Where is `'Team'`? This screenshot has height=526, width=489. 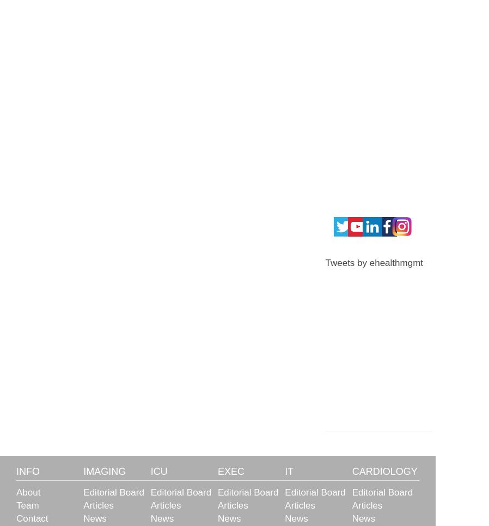
'Team' is located at coordinates (27, 505).